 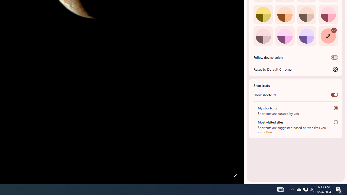 What do you see at coordinates (263, 14) in the screenshot?
I see `'Citron'` at bounding box center [263, 14].